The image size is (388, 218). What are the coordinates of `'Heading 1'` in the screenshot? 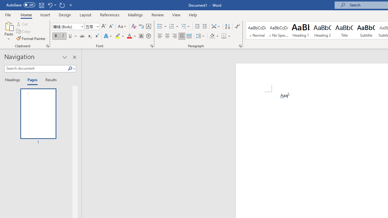 It's located at (301, 30).